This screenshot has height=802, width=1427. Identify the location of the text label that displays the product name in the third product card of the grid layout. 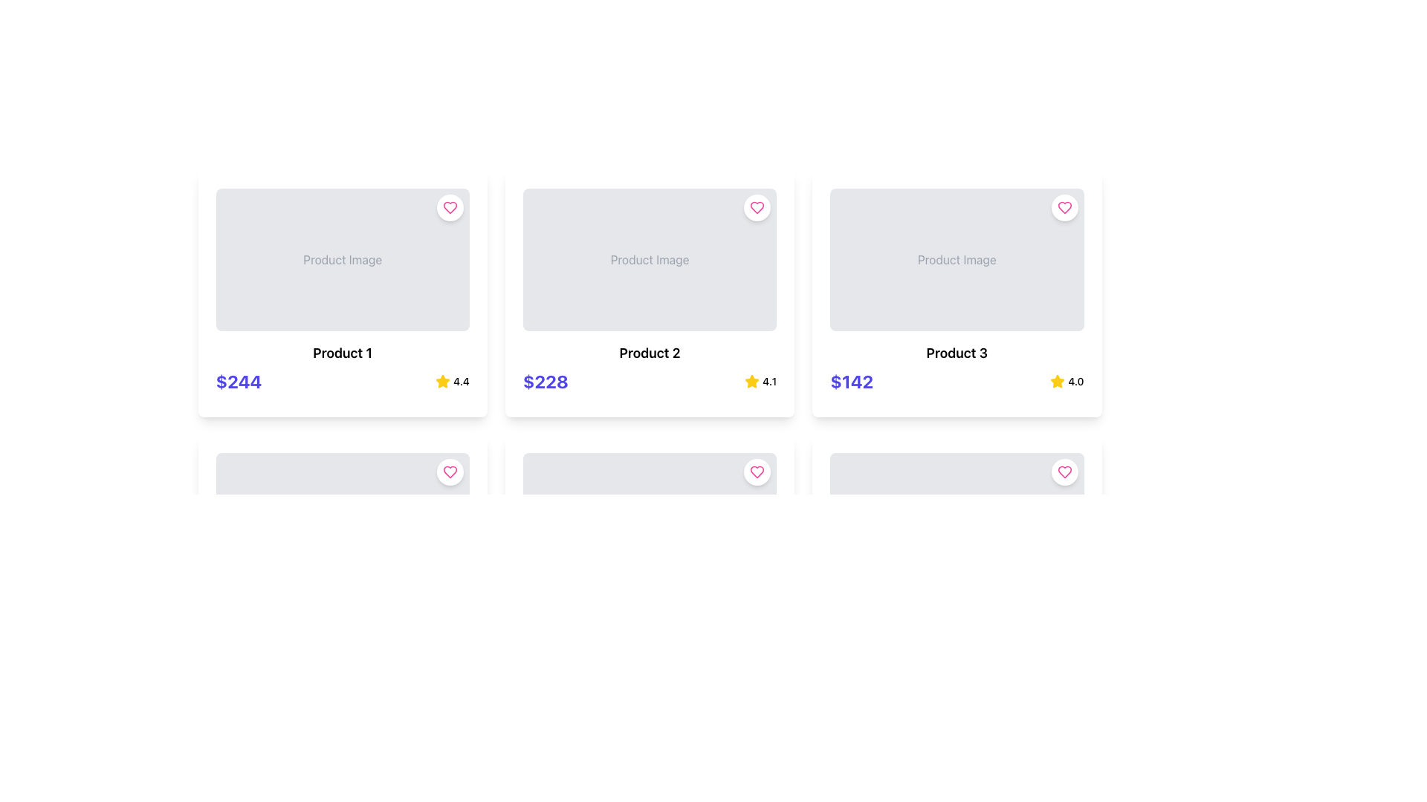
(957, 353).